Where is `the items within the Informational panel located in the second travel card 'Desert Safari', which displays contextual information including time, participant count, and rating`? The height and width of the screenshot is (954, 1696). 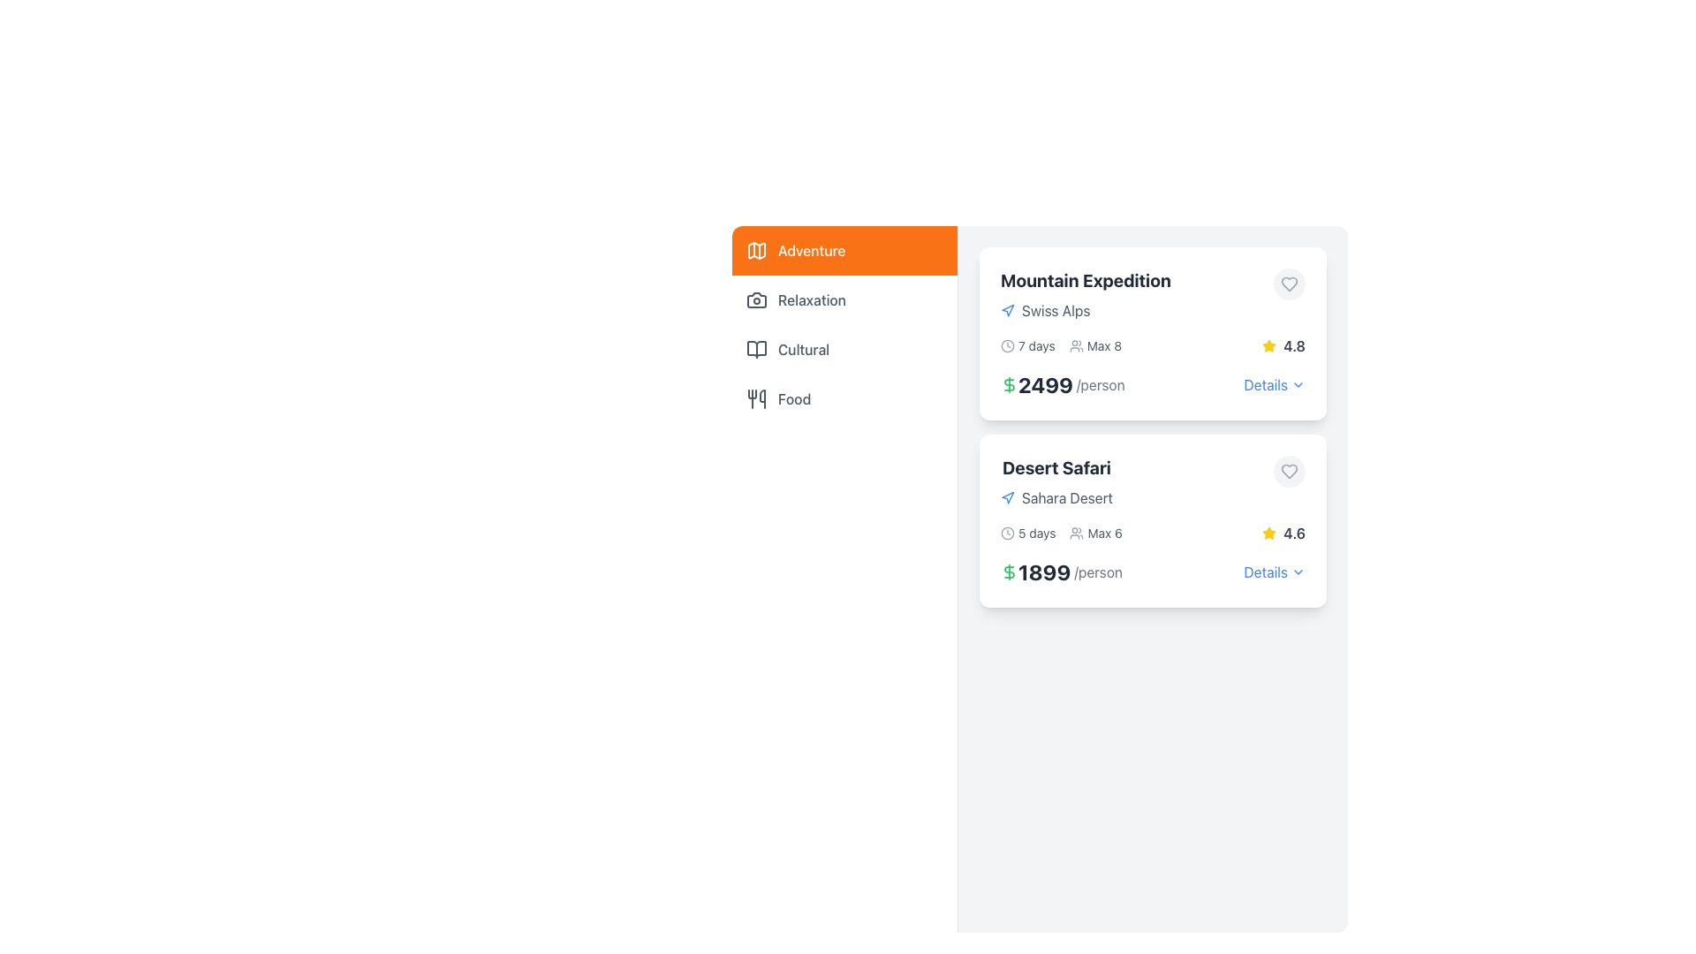
the items within the Informational panel located in the second travel card 'Desert Safari', which displays contextual information including time, participant count, and rating is located at coordinates (1153, 533).